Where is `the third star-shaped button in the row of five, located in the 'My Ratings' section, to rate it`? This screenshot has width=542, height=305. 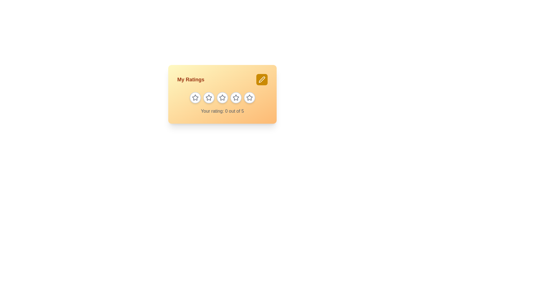
the third star-shaped button in the row of five, located in the 'My Ratings' section, to rate it is located at coordinates (222, 97).